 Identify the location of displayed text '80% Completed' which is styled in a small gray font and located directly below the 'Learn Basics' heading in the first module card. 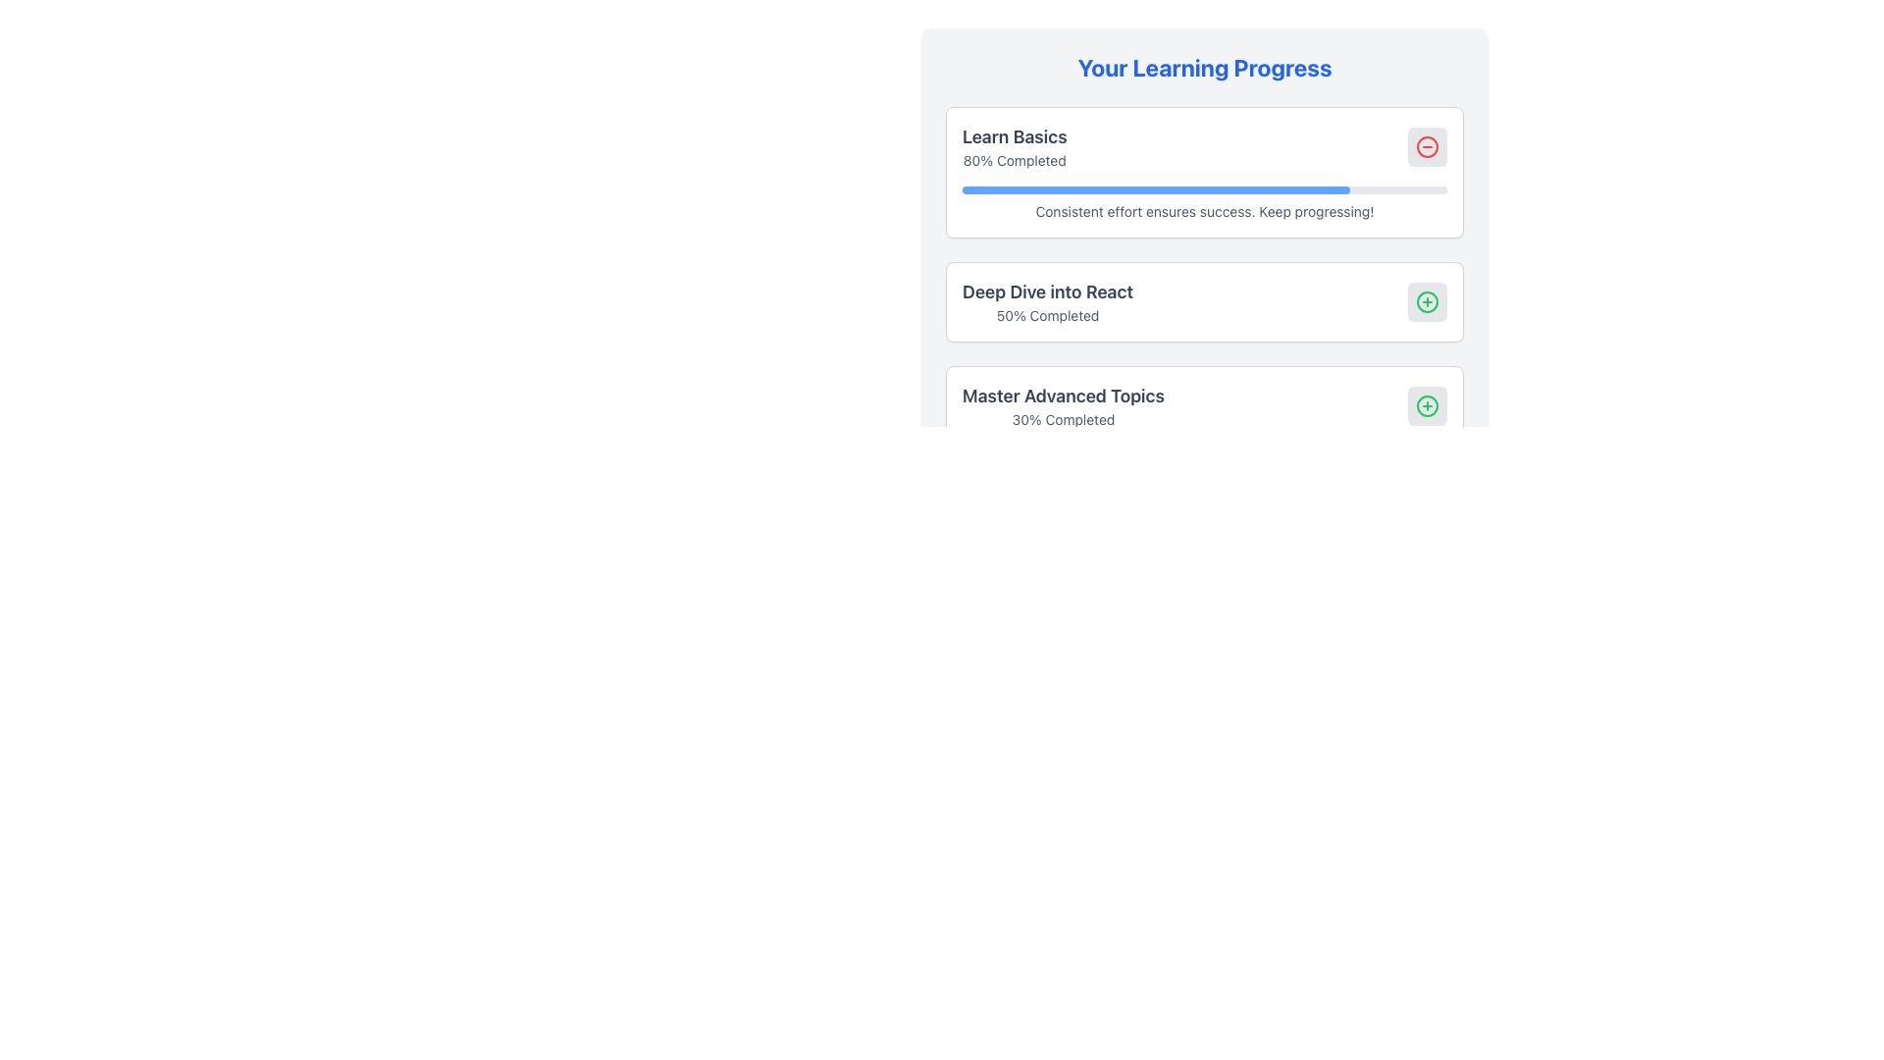
(1015, 160).